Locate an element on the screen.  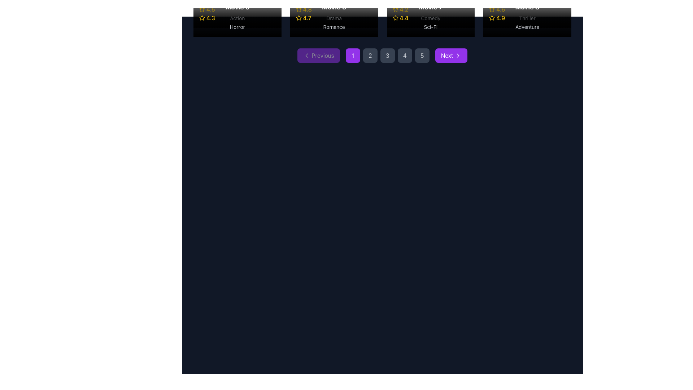
the genre label for the movie located at the bottom right corner of the movie card to read its information is located at coordinates (527, 26).